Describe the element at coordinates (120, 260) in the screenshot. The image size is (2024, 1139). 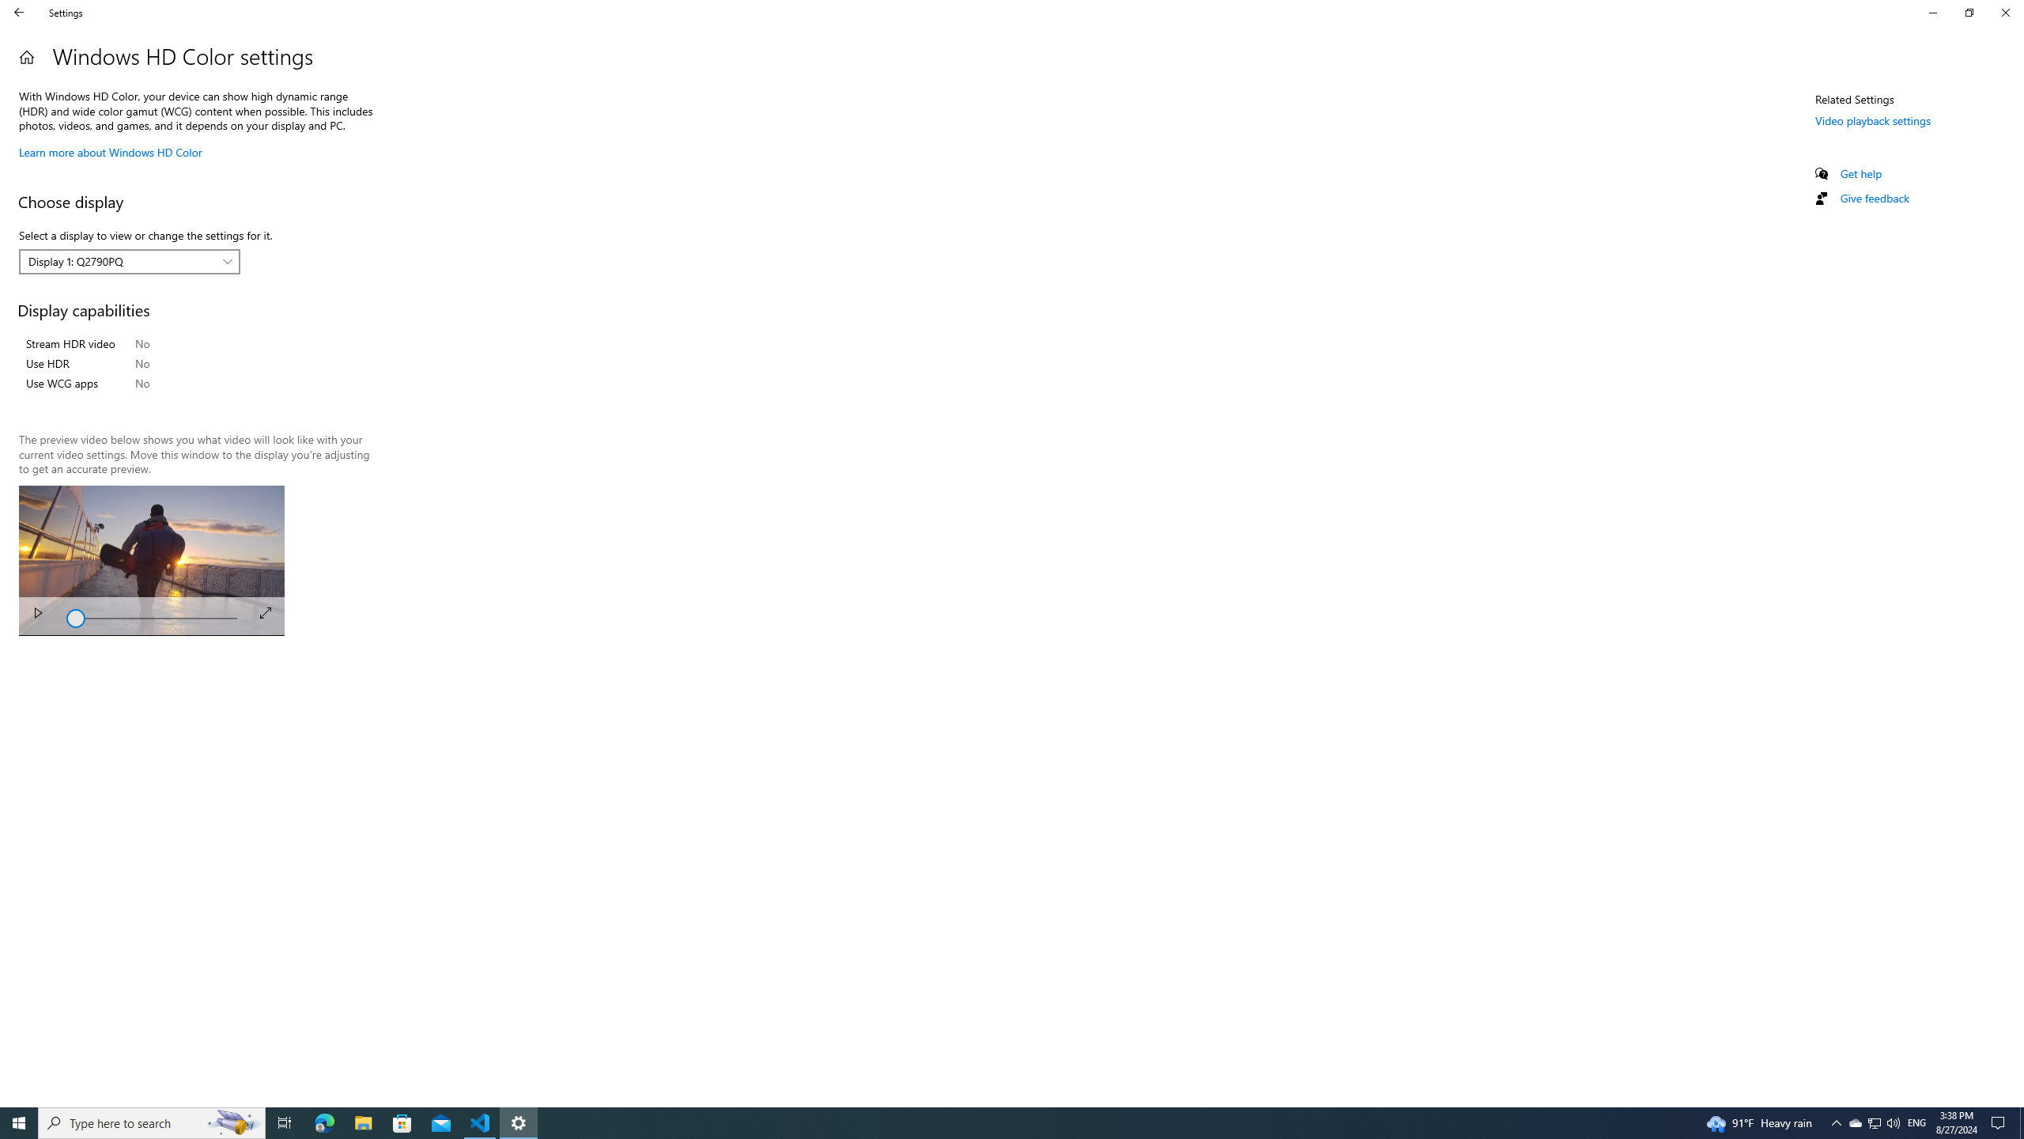
I see `'Display 1: Q2790PQ'` at that location.